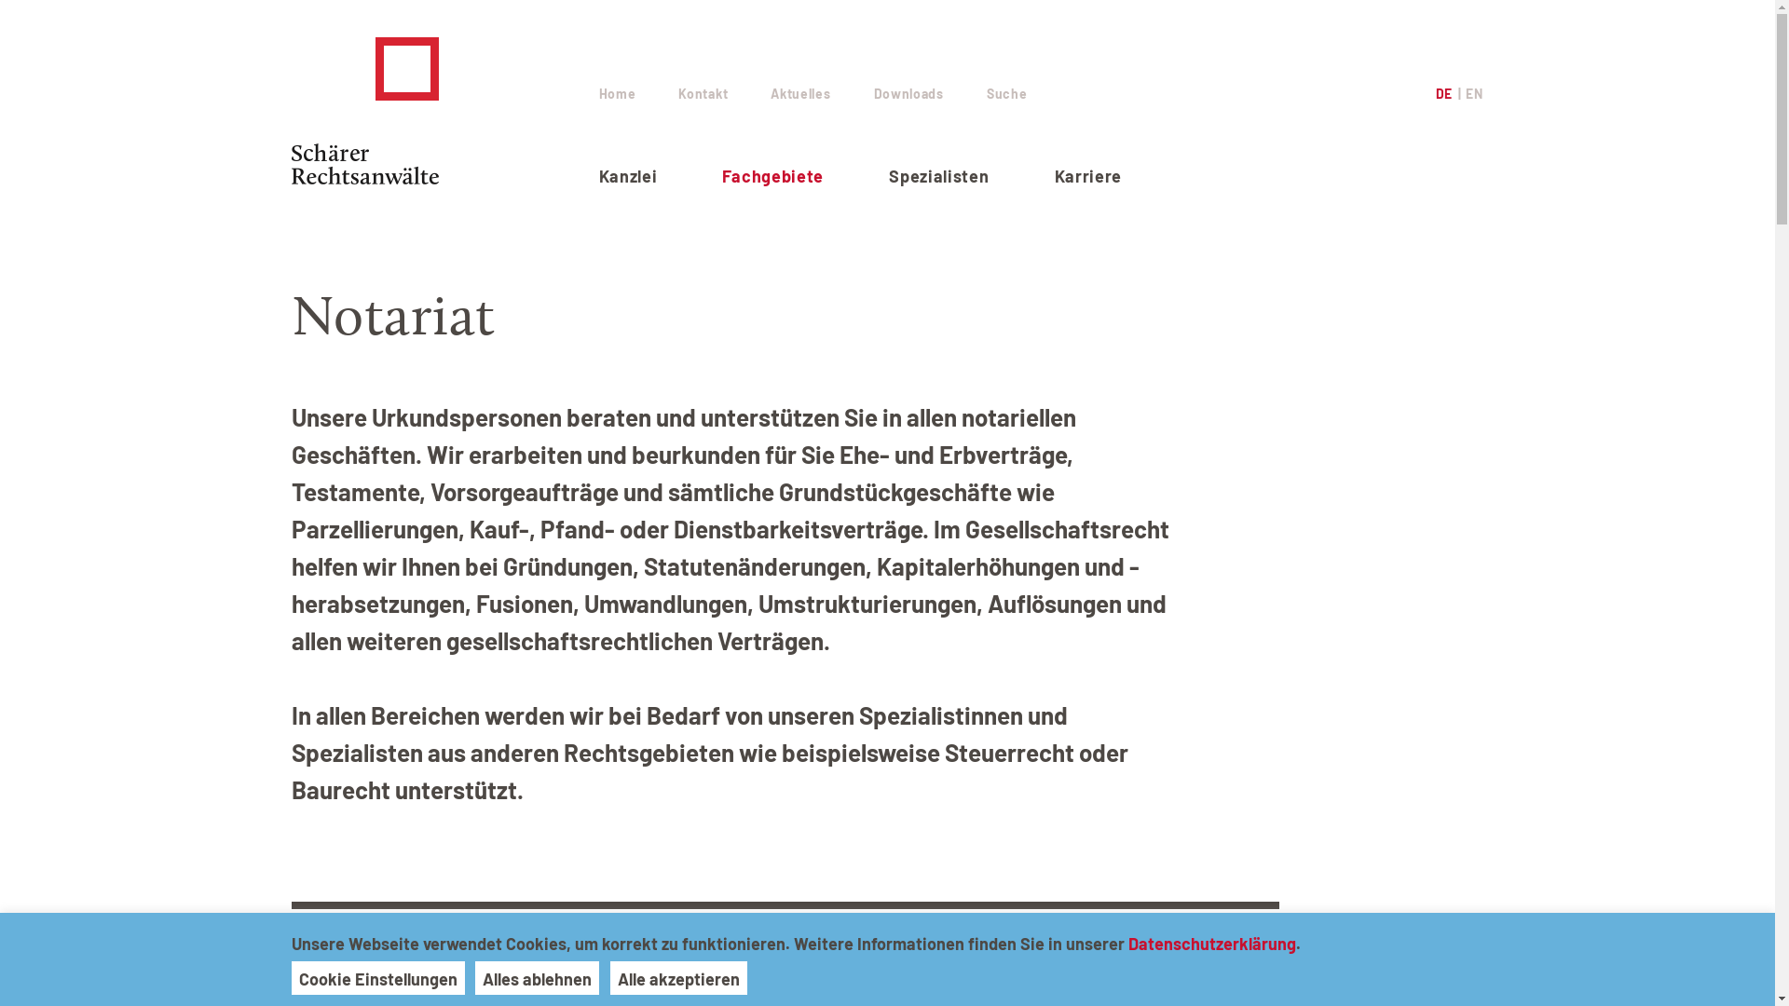  What do you see at coordinates (608, 976) in the screenshot?
I see `'Alle akzeptieren'` at bounding box center [608, 976].